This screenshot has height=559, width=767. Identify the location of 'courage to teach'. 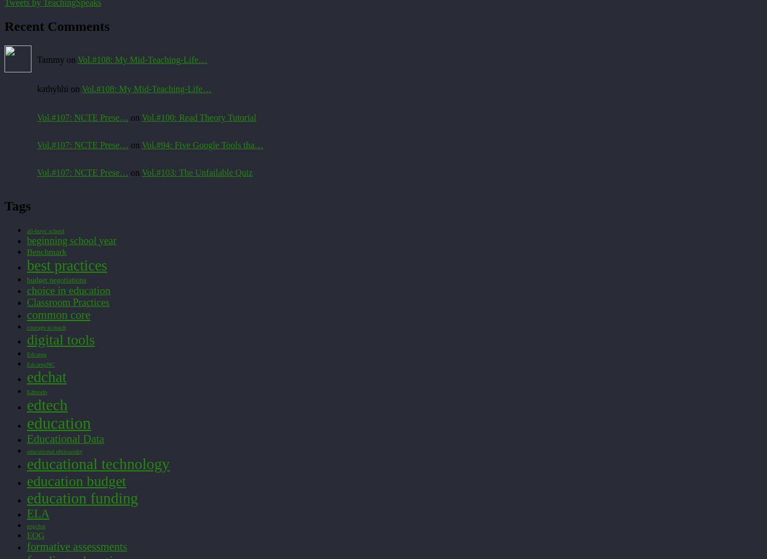
(46, 327).